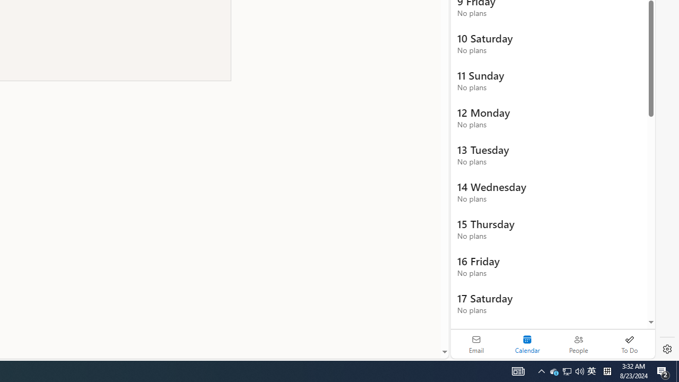 The width and height of the screenshot is (679, 382). Describe the element at coordinates (476, 344) in the screenshot. I see `'Email'` at that location.